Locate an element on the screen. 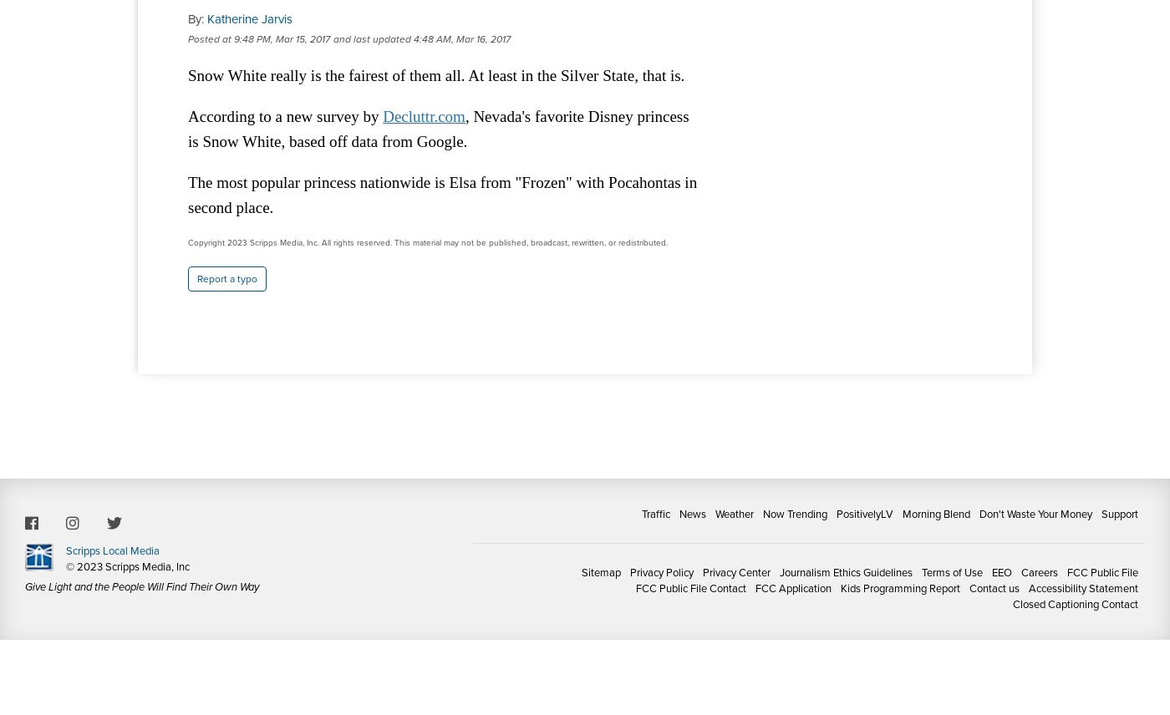 The width and height of the screenshot is (1170, 715). 'Don't Waste Your Money' is located at coordinates (1035, 513).